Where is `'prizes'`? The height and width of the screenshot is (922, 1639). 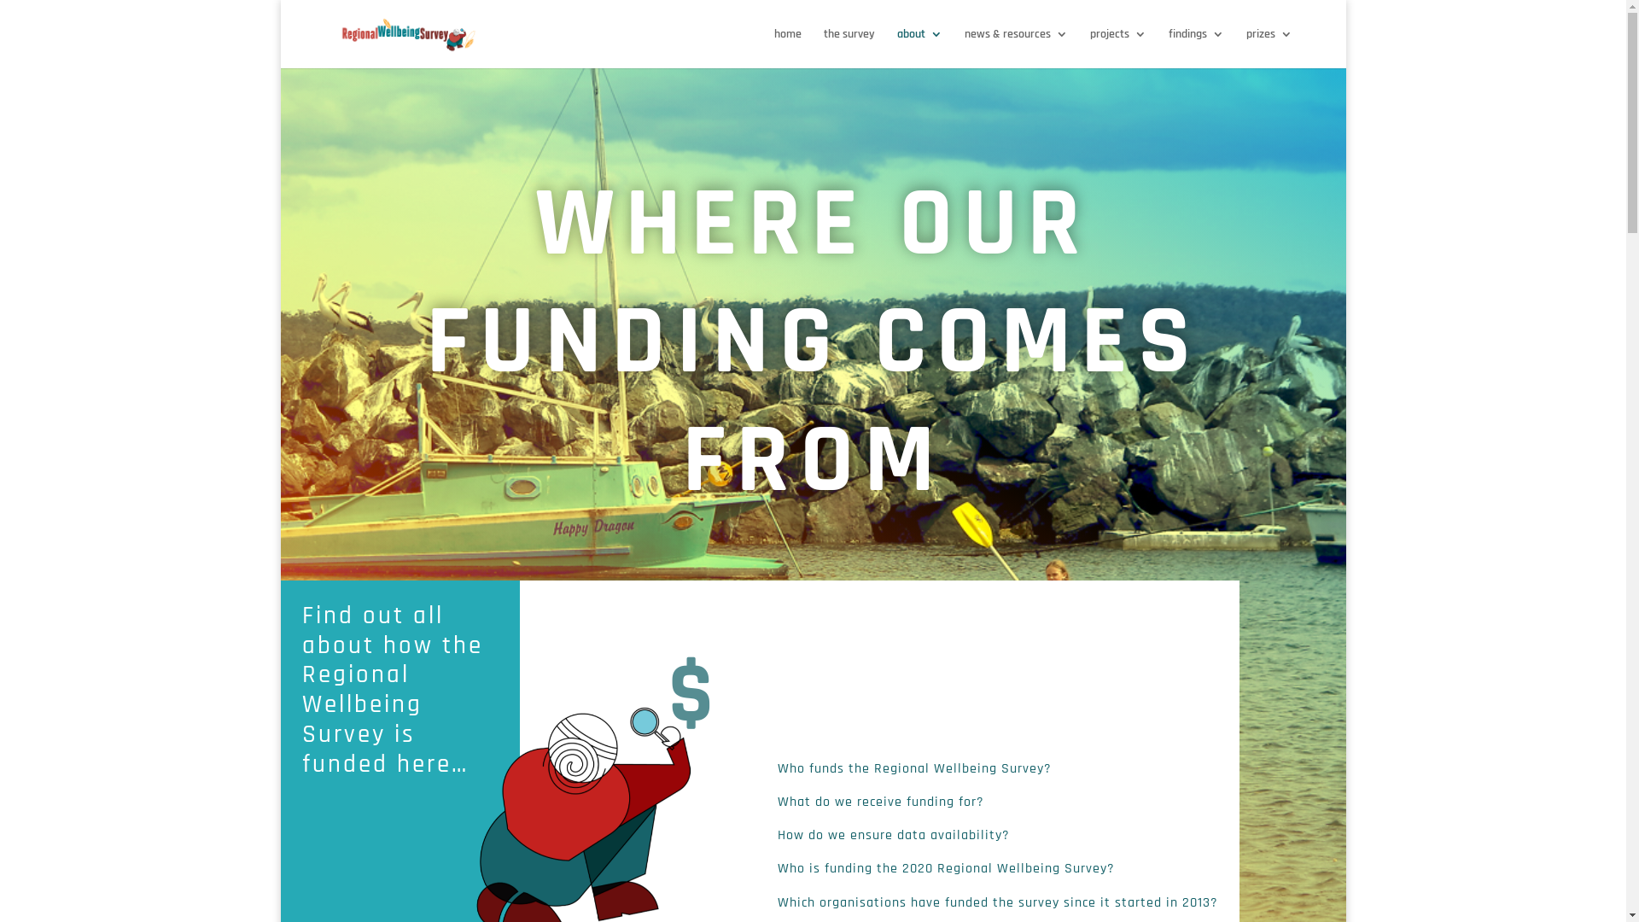
'prizes' is located at coordinates (1269, 47).